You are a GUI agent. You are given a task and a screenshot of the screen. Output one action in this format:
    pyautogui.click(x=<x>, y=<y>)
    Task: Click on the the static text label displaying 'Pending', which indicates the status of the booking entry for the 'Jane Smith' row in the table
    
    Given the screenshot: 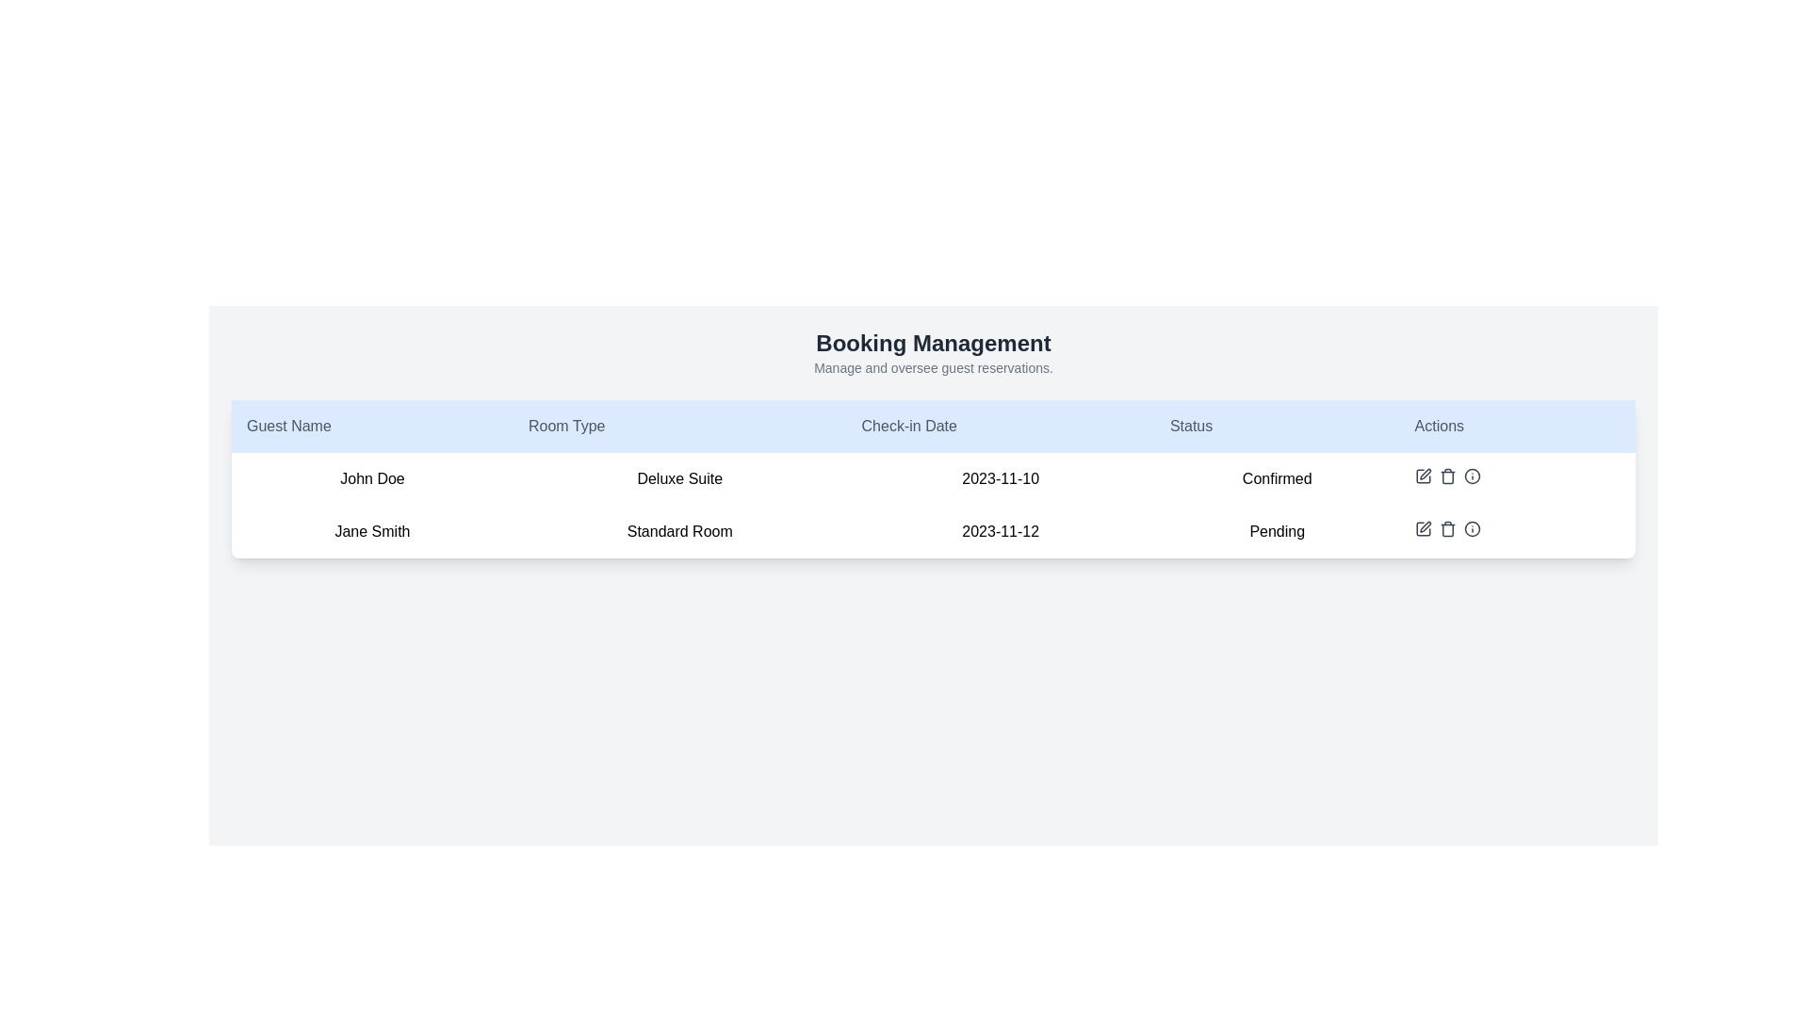 What is the action you would take?
    pyautogui.click(x=1277, y=531)
    